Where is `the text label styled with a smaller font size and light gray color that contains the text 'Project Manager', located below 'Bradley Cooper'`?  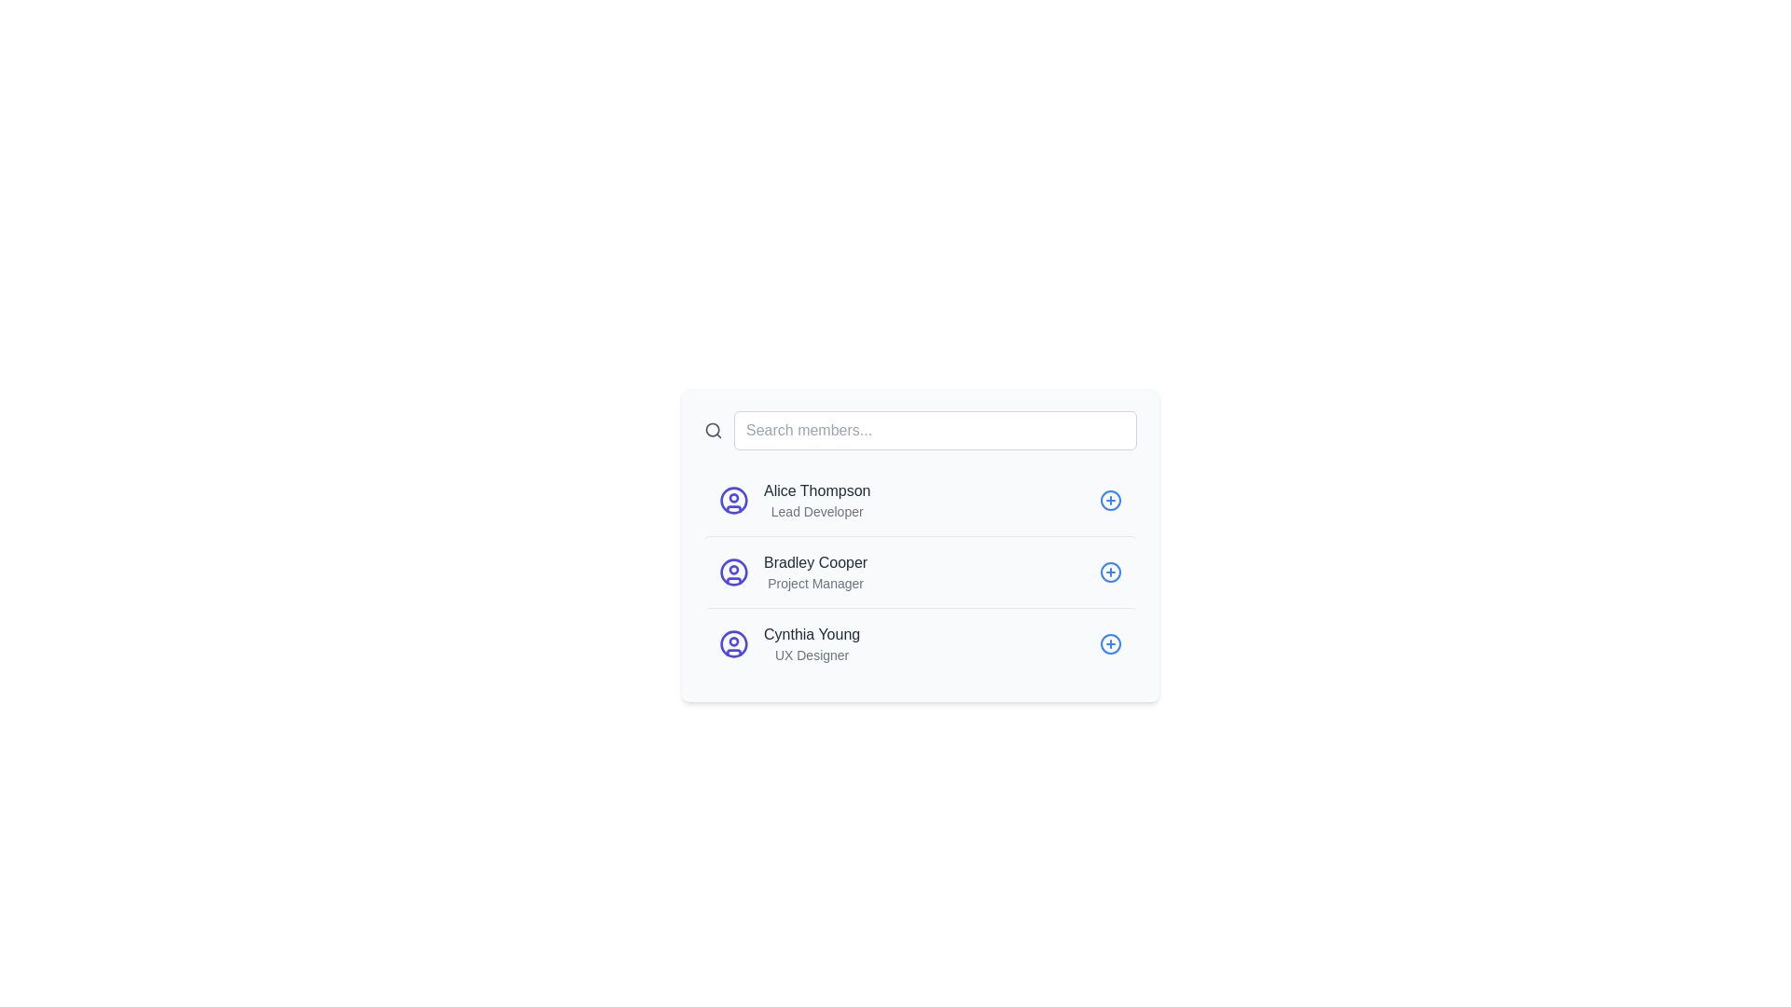
the text label styled with a smaller font size and light gray color that contains the text 'Project Manager', located below 'Bradley Cooper' is located at coordinates (815, 582).